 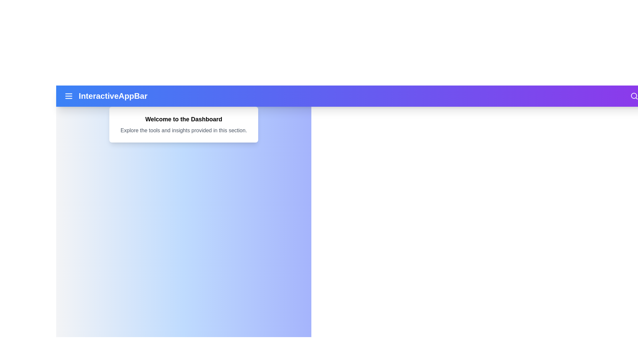 I want to click on the InteractiveAppBar title to reveal possible actions, so click(x=113, y=96).